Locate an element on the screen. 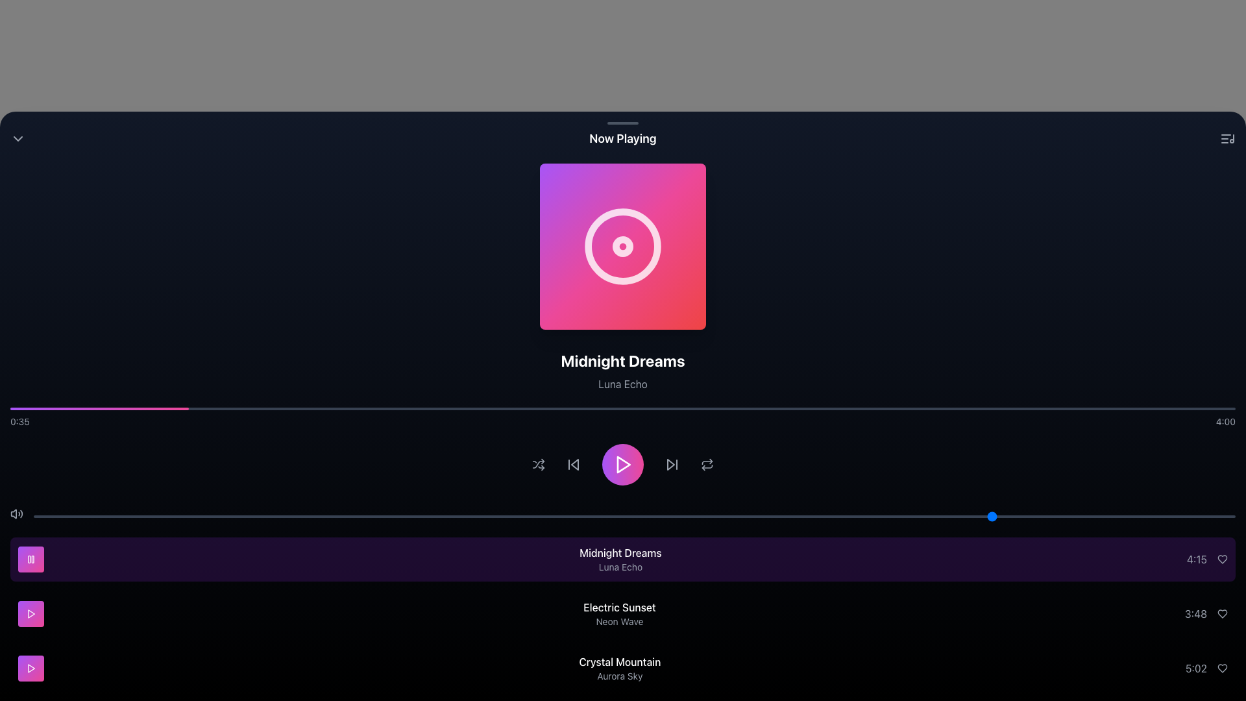 This screenshot has height=701, width=1246. the text element displaying '5:02', which is styled in gray color and aligned to the rightmost end of its row, adjacent to 'Crystal Mountain Aurora Sky' and icons is located at coordinates (1195, 668).